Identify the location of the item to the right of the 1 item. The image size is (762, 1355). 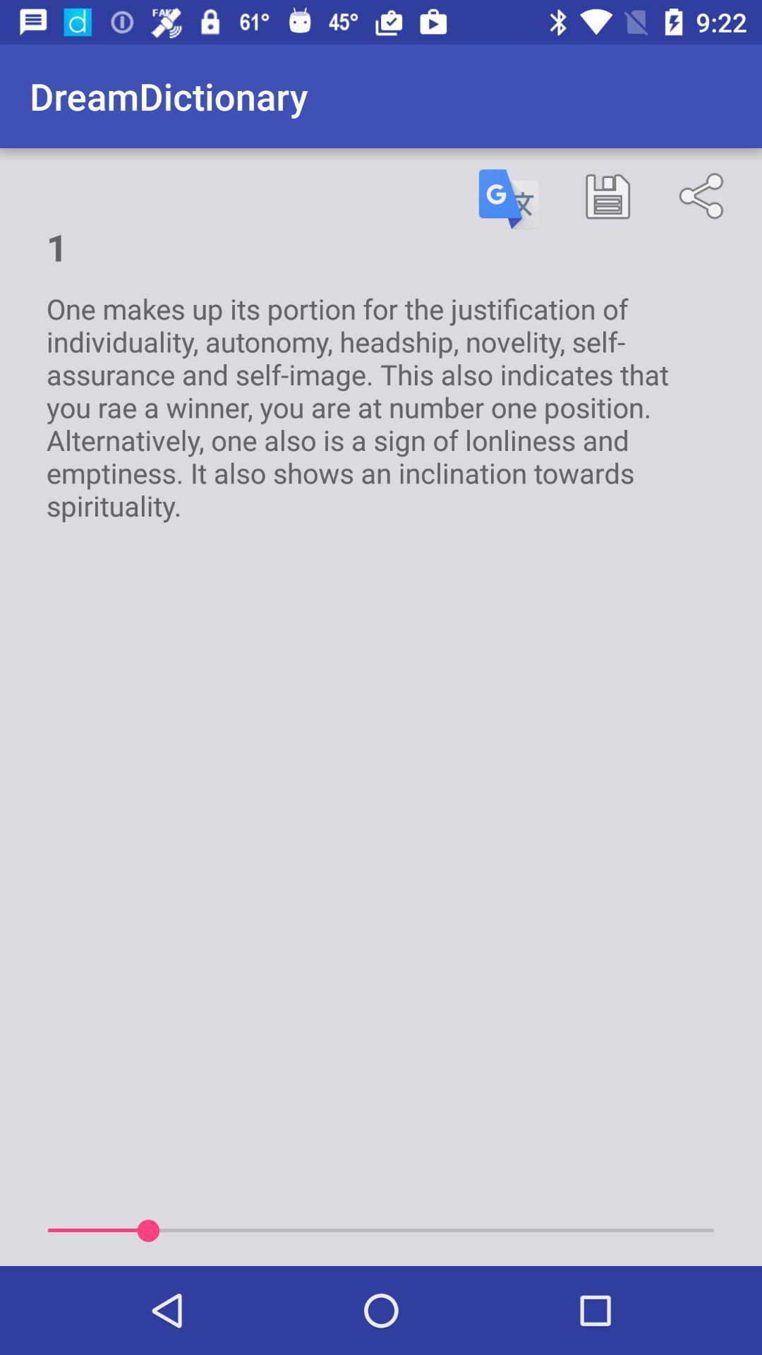
(509, 198).